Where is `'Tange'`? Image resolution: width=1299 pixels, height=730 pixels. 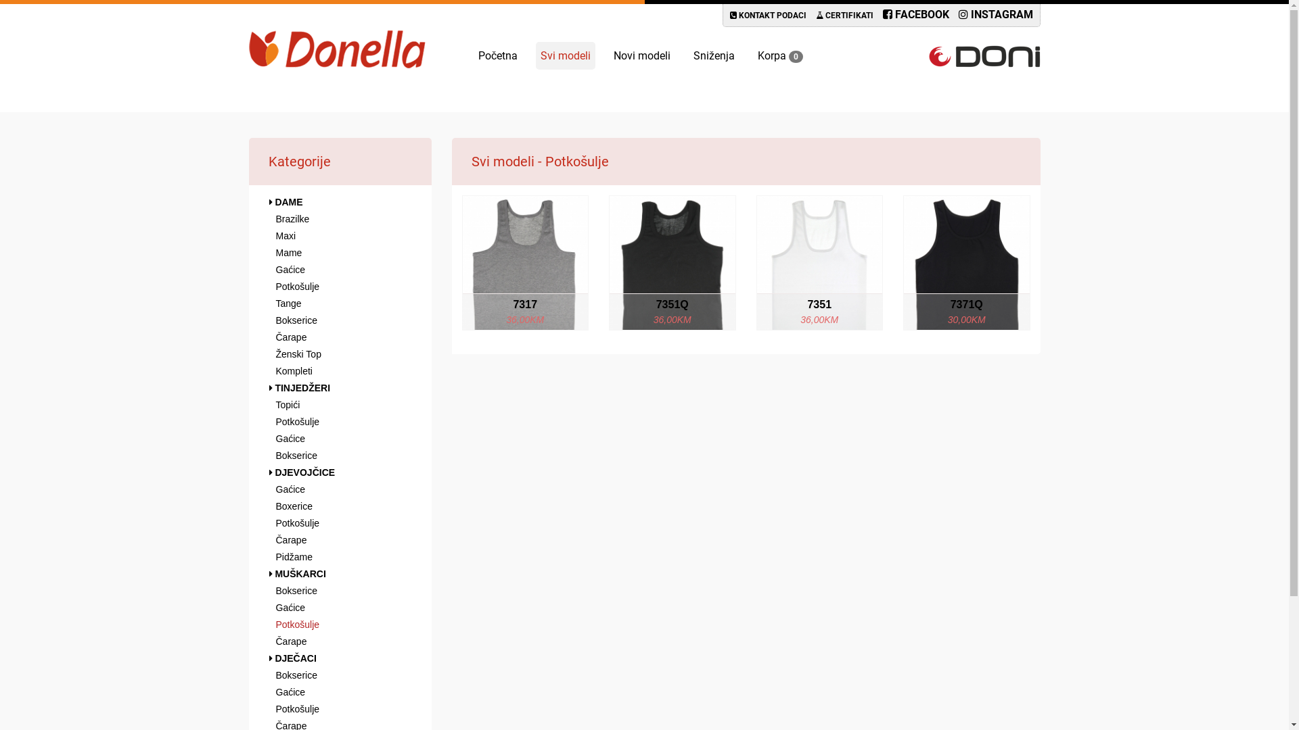 'Tange' is located at coordinates (340, 302).